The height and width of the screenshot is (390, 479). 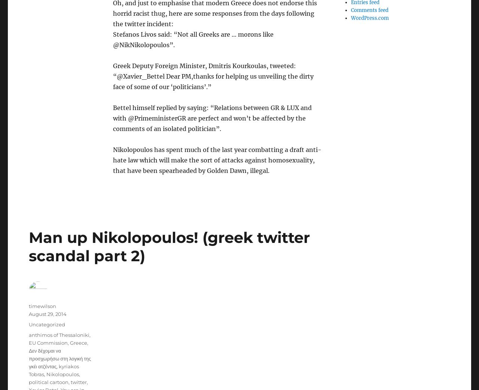 I want to click on 'Stefanos Livos said: “Not all Greeks are … morons like @NikNikolopoulos”.', so click(x=112, y=39).